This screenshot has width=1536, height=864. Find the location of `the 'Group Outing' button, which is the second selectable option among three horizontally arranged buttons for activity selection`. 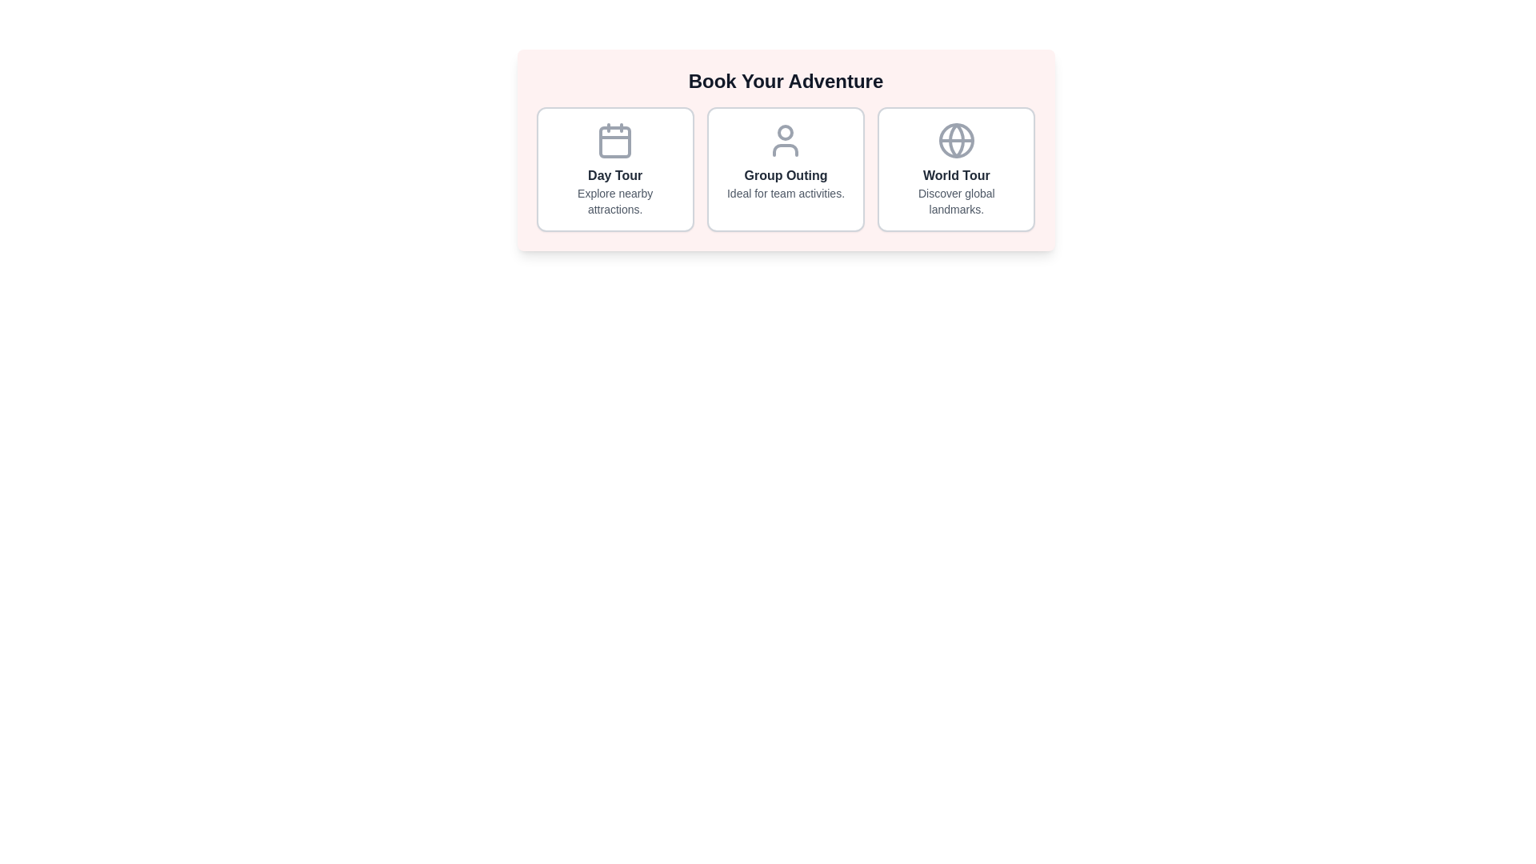

the 'Group Outing' button, which is the second selectable option among three horizontally arranged buttons for activity selection is located at coordinates (786, 170).